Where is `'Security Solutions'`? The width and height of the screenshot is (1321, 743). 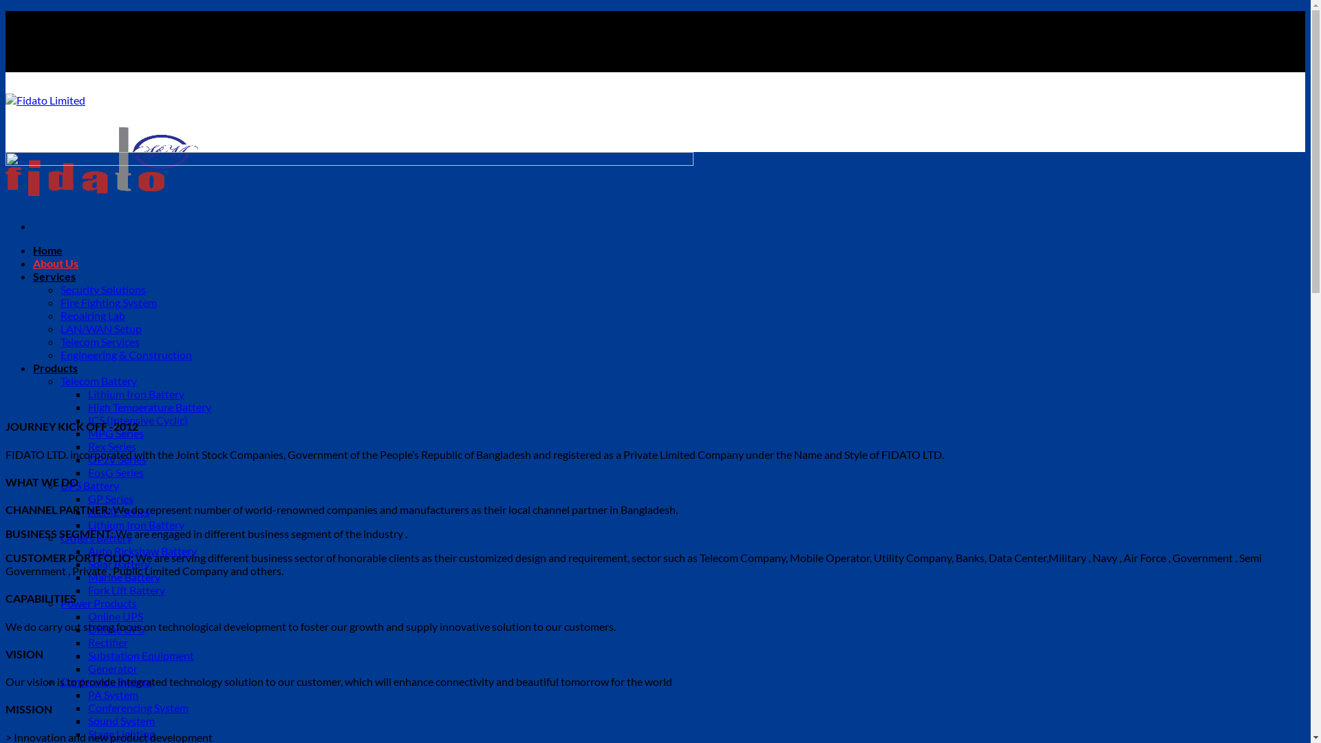 'Security Solutions' is located at coordinates (102, 288).